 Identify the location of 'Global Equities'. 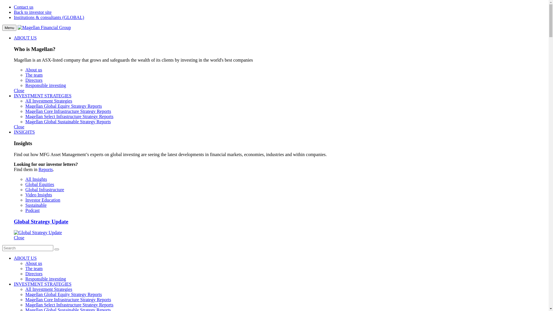
(39, 184).